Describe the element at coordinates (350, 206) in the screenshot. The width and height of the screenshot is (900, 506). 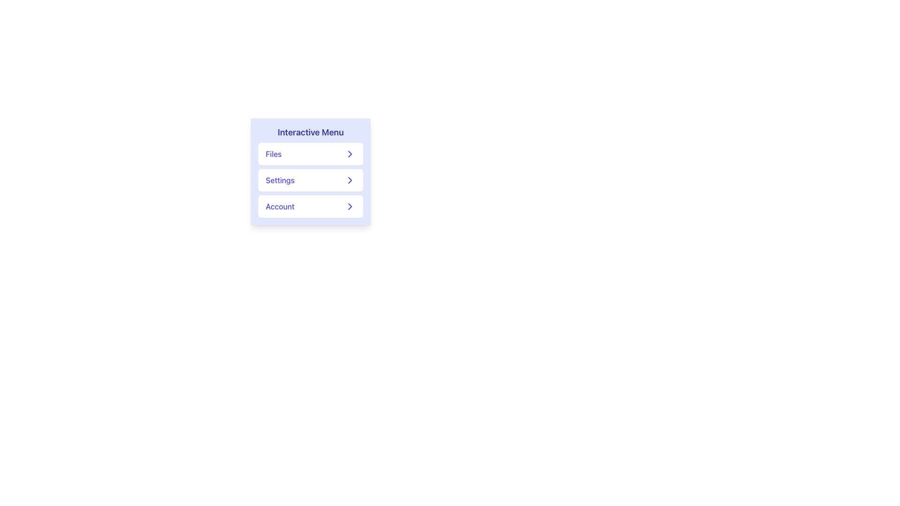
I see `the chevron arrow icon located at the rightmost part of the 'Account' menu item` at that location.